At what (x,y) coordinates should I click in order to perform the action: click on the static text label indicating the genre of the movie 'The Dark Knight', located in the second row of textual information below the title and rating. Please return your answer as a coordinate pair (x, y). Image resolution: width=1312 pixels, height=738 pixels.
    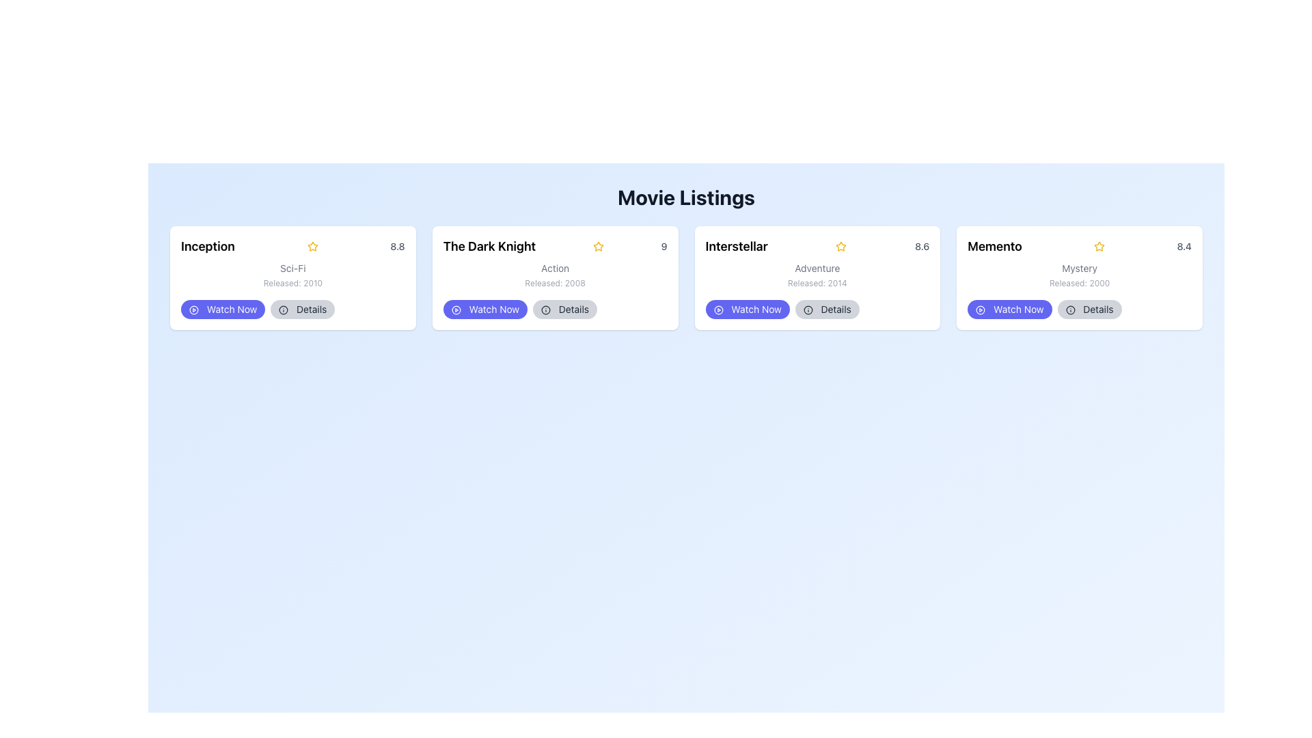
    Looking at the image, I should click on (555, 269).